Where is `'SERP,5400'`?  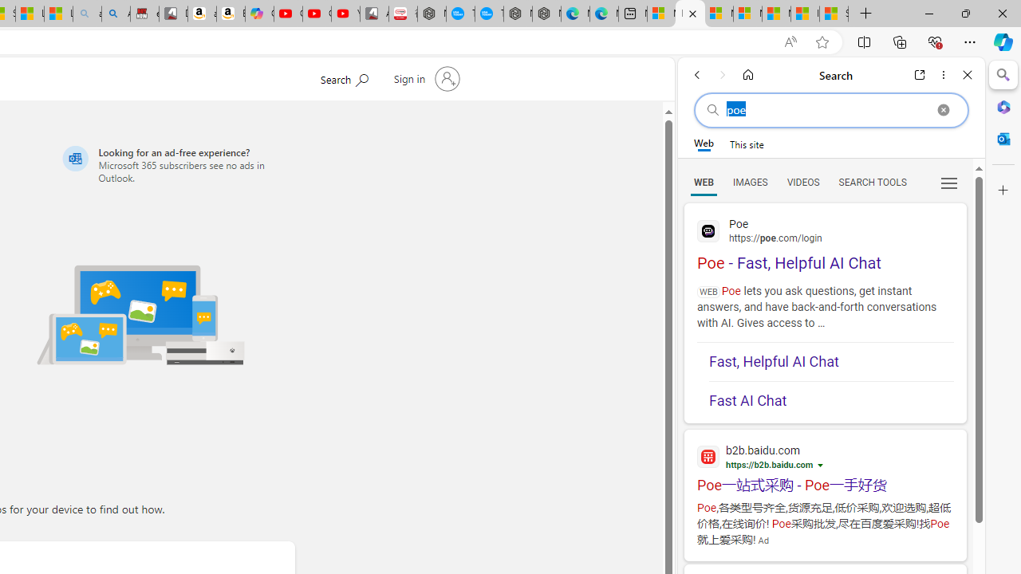
'SERP,5400' is located at coordinates (825, 485).